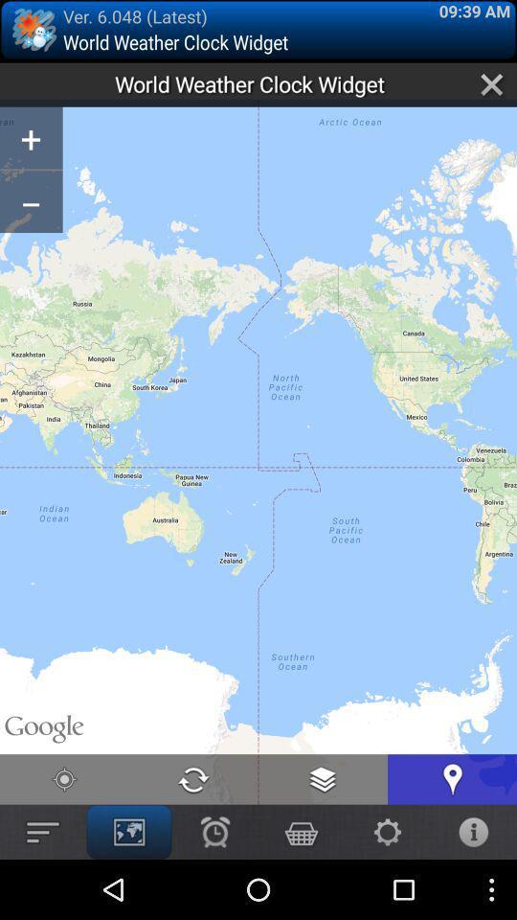 Image resolution: width=517 pixels, height=920 pixels. Describe the element at coordinates (473, 831) in the screenshot. I see `the icon which indicates information symbol` at that location.